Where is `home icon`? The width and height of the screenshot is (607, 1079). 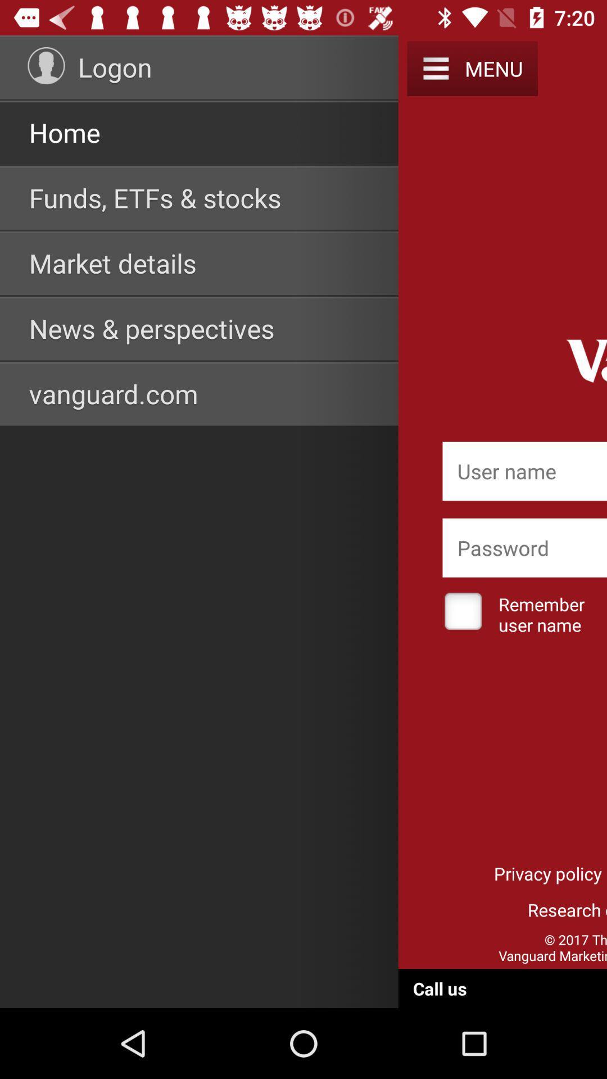
home icon is located at coordinates (65, 132).